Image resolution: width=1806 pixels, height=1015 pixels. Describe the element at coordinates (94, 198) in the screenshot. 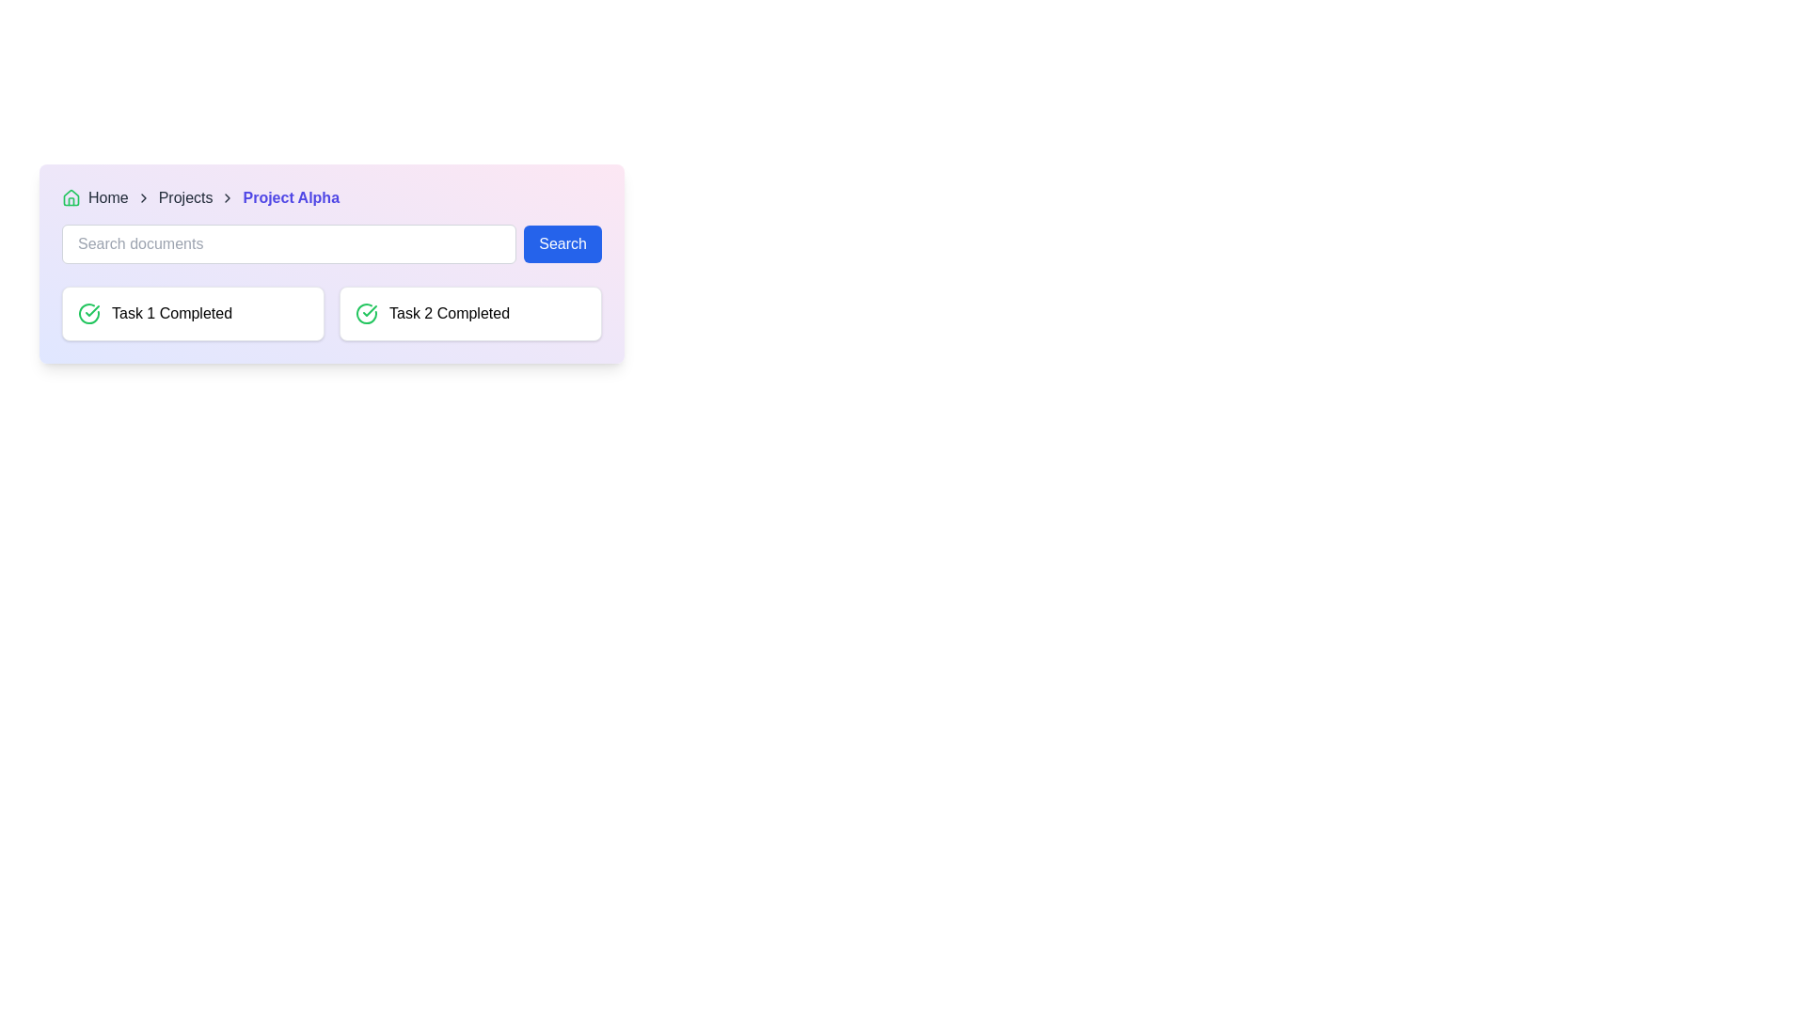

I see `'Home' label element in the breadcrumb navigation bar, which features a green house icon and is positioned at the top left corner of the card interface` at that location.